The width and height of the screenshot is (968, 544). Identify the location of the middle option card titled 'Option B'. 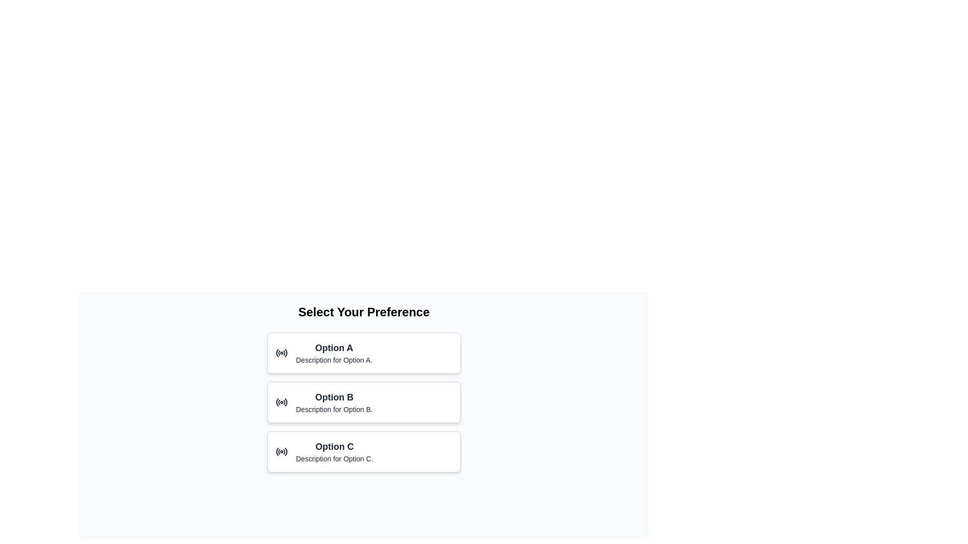
(363, 401).